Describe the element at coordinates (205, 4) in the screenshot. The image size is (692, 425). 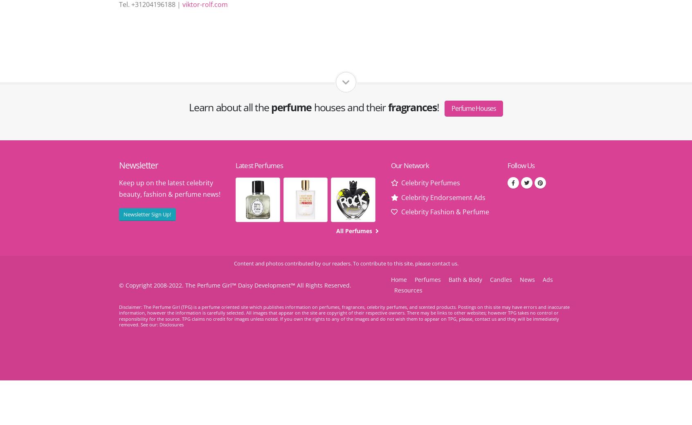
I see `'viktor-rolf.com'` at that location.